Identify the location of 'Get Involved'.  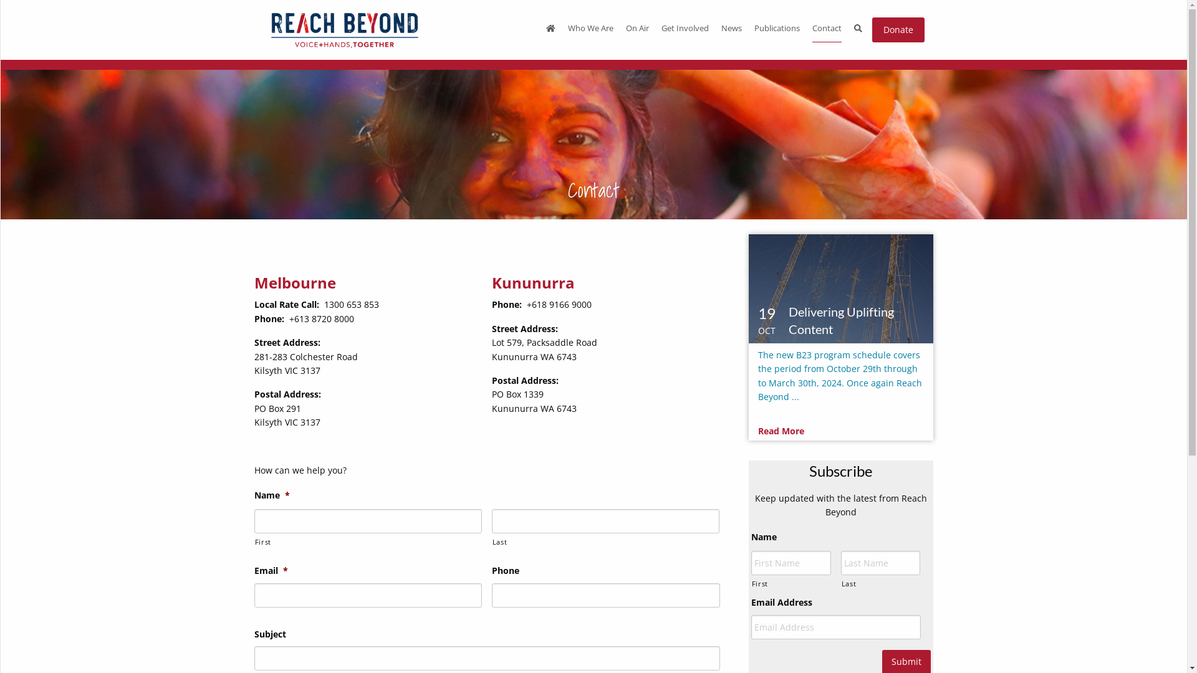
(685, 29).